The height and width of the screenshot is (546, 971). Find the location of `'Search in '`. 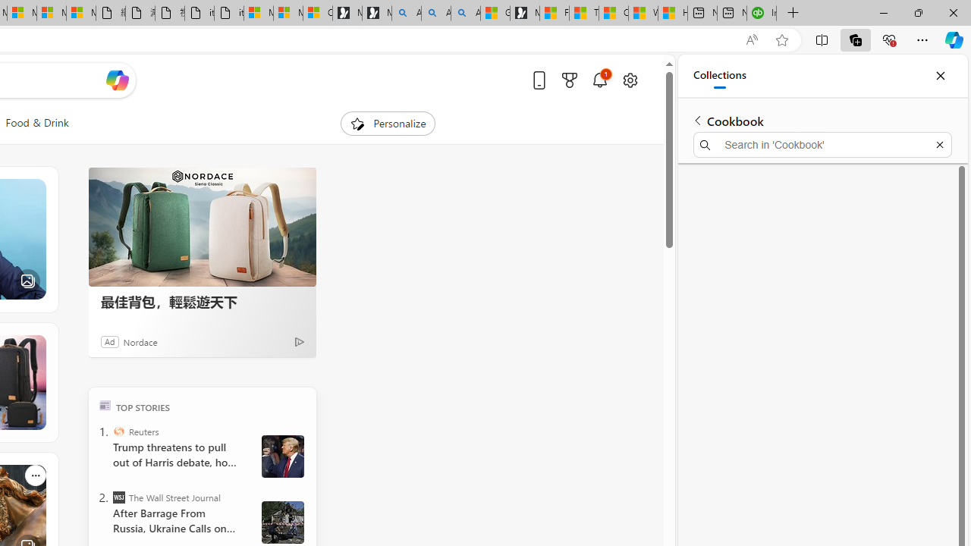

'Search in ' is located at coordinates (822, 145).